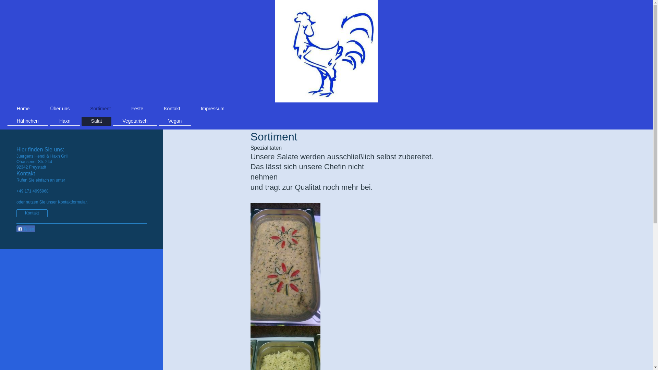  What do you see at coordinates (212, 108) in the screenshot?
I see `'Impressum'` at bounding box center [212, 108].